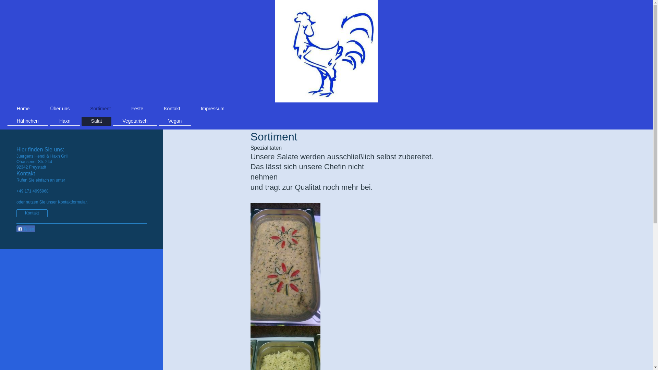  What do you see at coordinates (212, 108) in the screenshot?
I see `'Impressum'` at bounding box center [212, 108].